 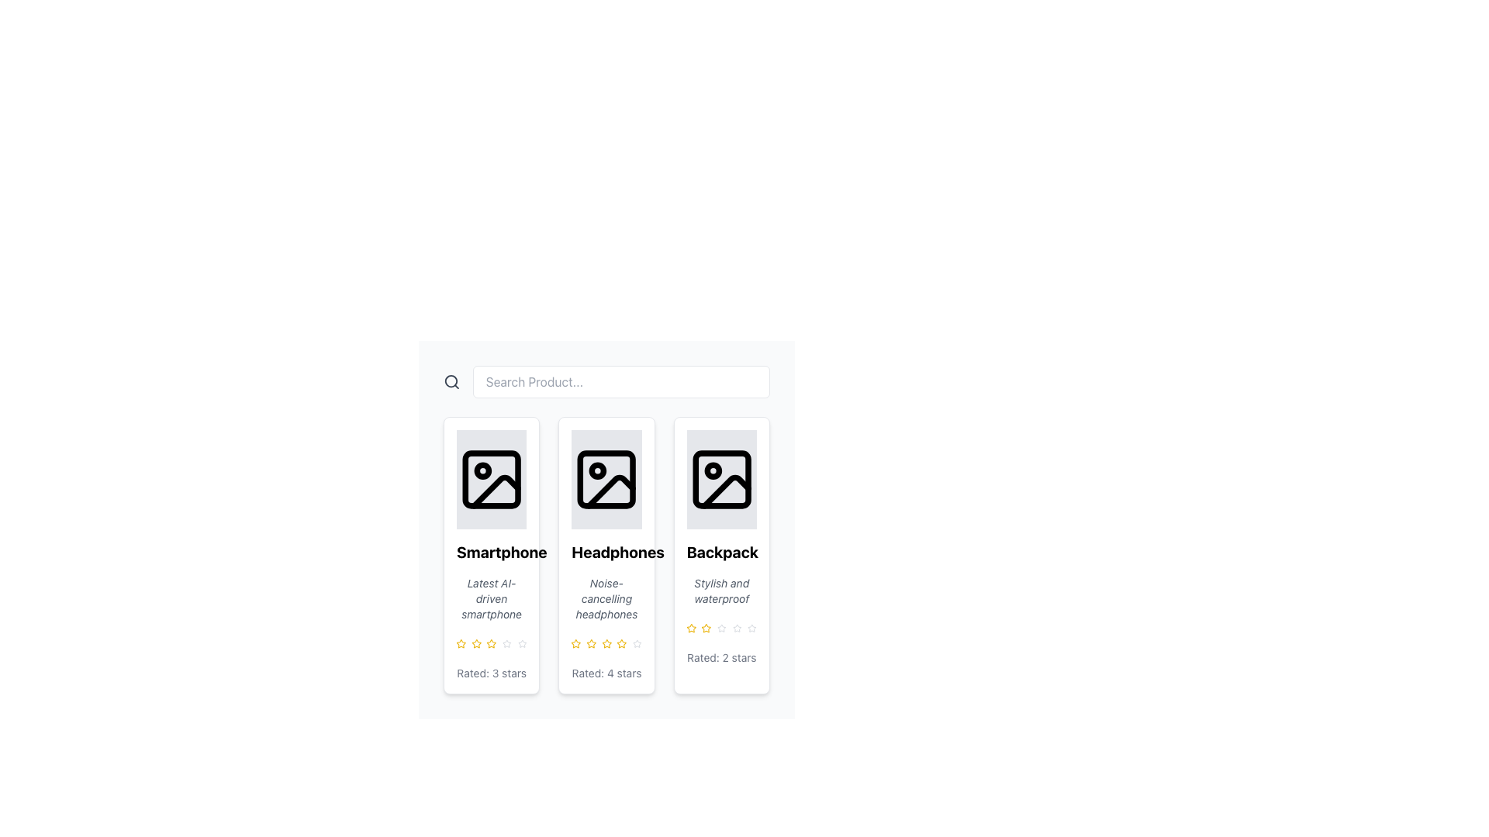 What do you see at coordinates (606, 552) in the screenshot?
I see `text label that serves as the title for the product presented in the second product card, located near the center underneath the product icon and above the description 'Noise-cancelling headphones'` at bounding box center [606, 552].